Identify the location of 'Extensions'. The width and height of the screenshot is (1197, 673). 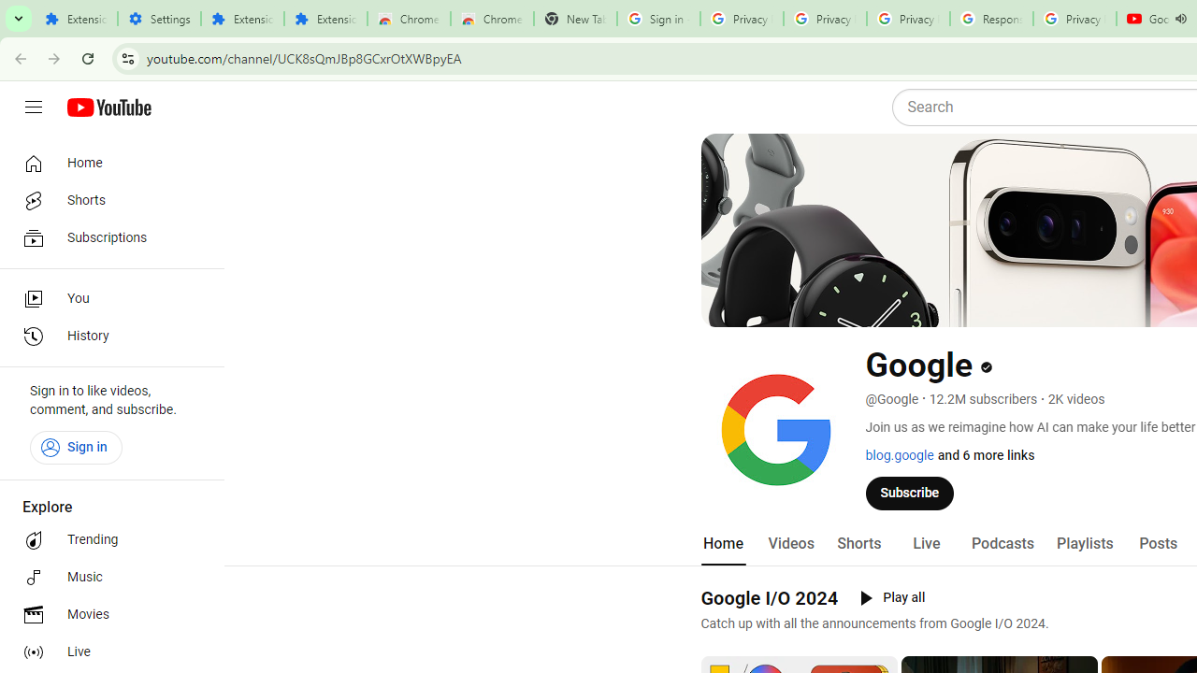
(325, 19).